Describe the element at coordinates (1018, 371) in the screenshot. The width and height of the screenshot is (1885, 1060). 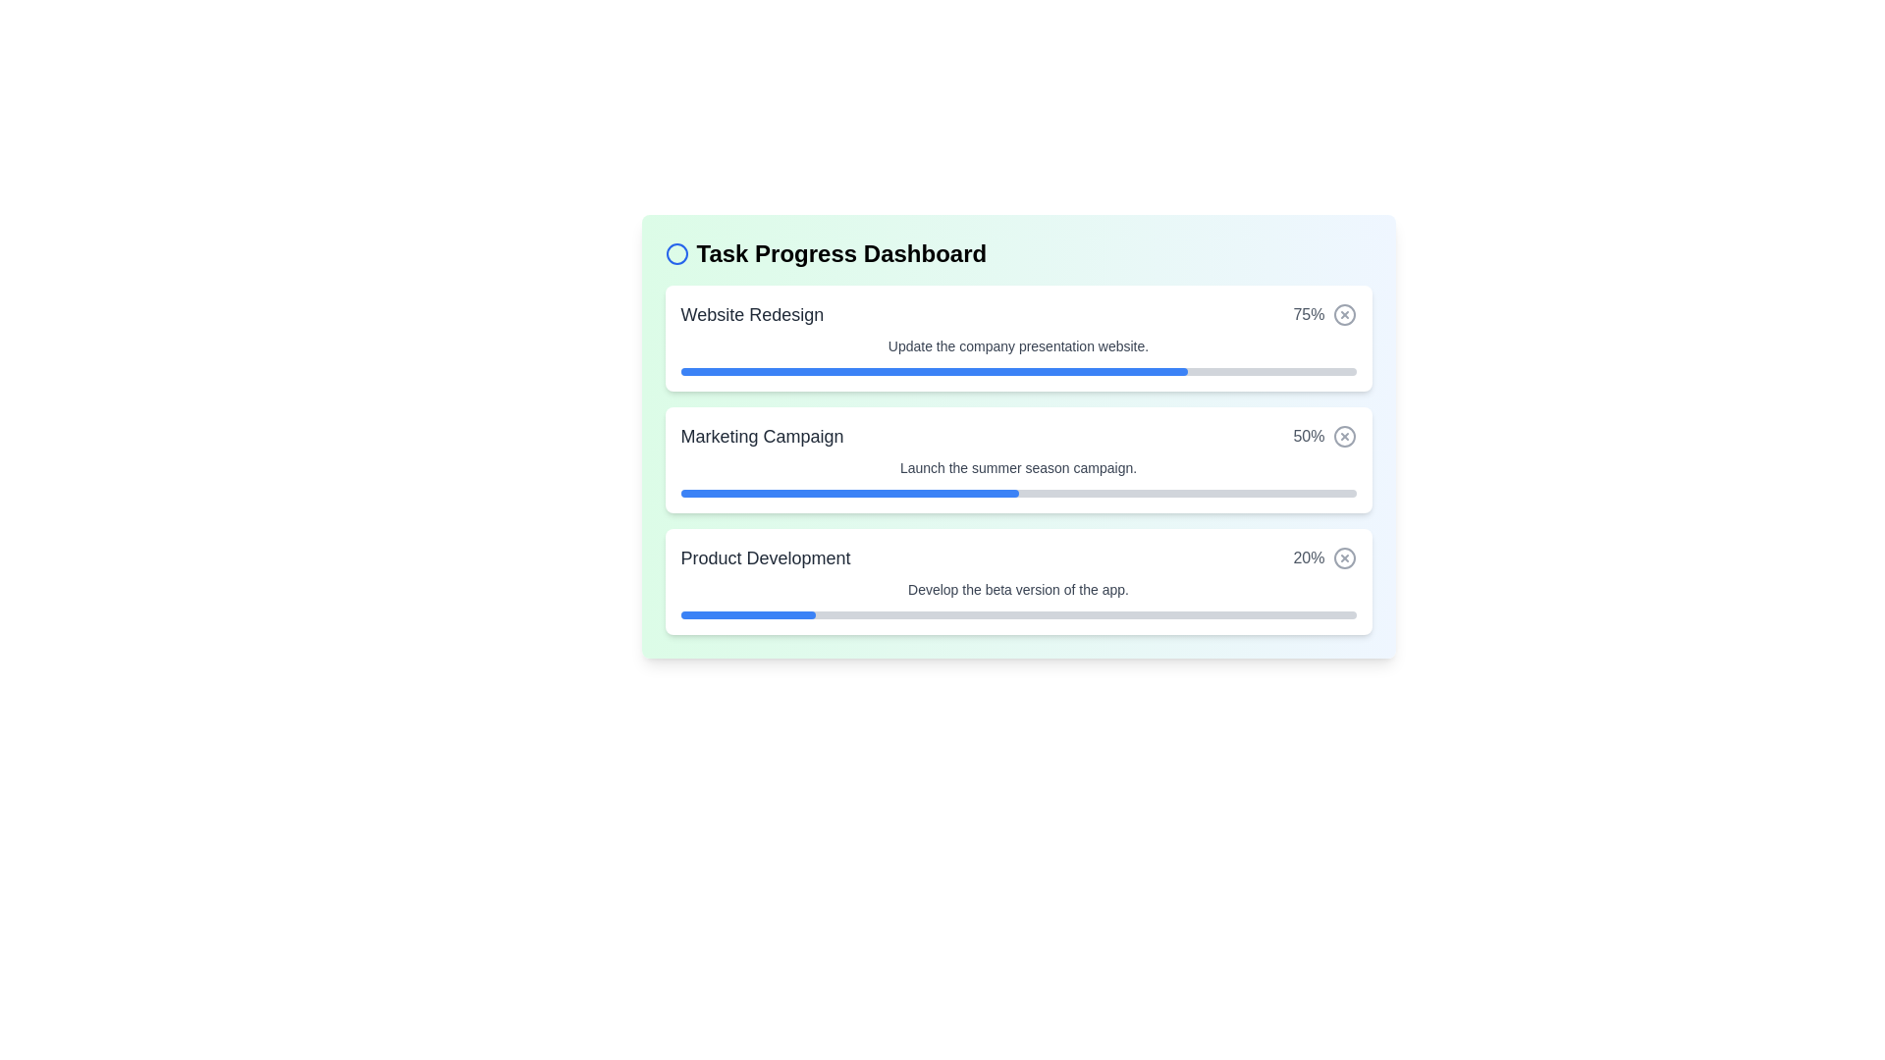
I see `properties of the progress bar indicating 75% completion for the 'Website Redesign' activity, located within the 'Task Progress Dashboard'` at that location.